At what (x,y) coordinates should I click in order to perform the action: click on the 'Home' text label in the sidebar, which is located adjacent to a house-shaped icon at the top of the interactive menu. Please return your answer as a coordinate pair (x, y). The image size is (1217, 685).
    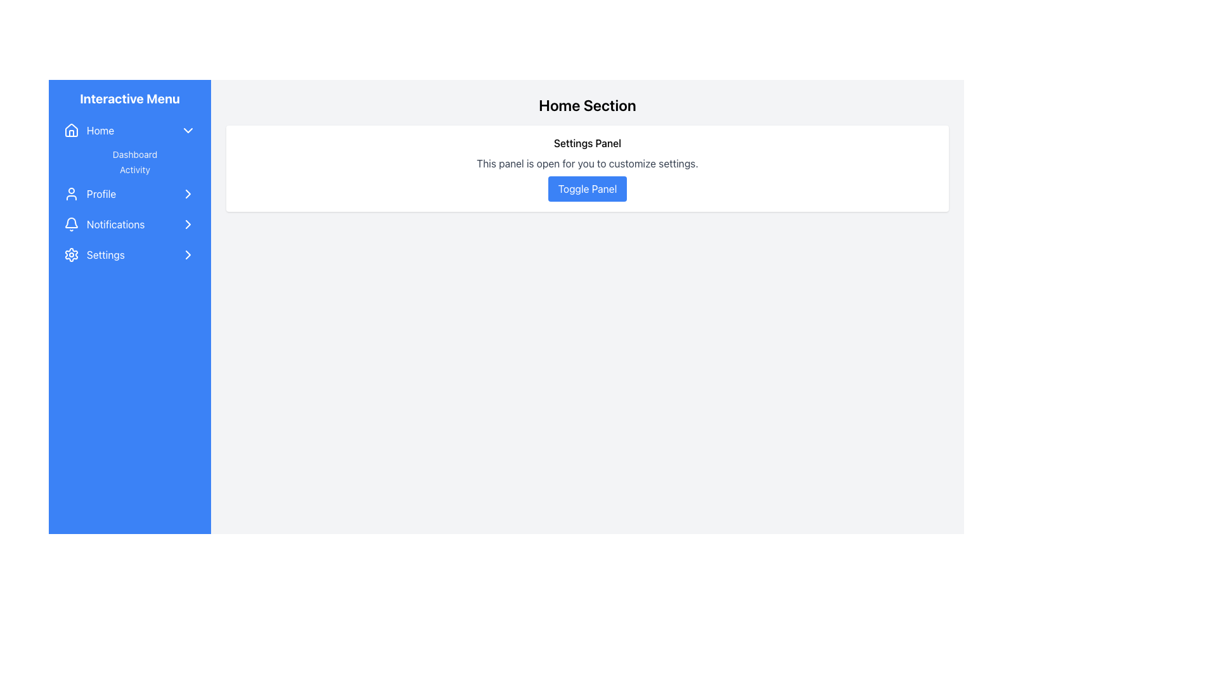
    Looking at the image, I should click on (100, 130).